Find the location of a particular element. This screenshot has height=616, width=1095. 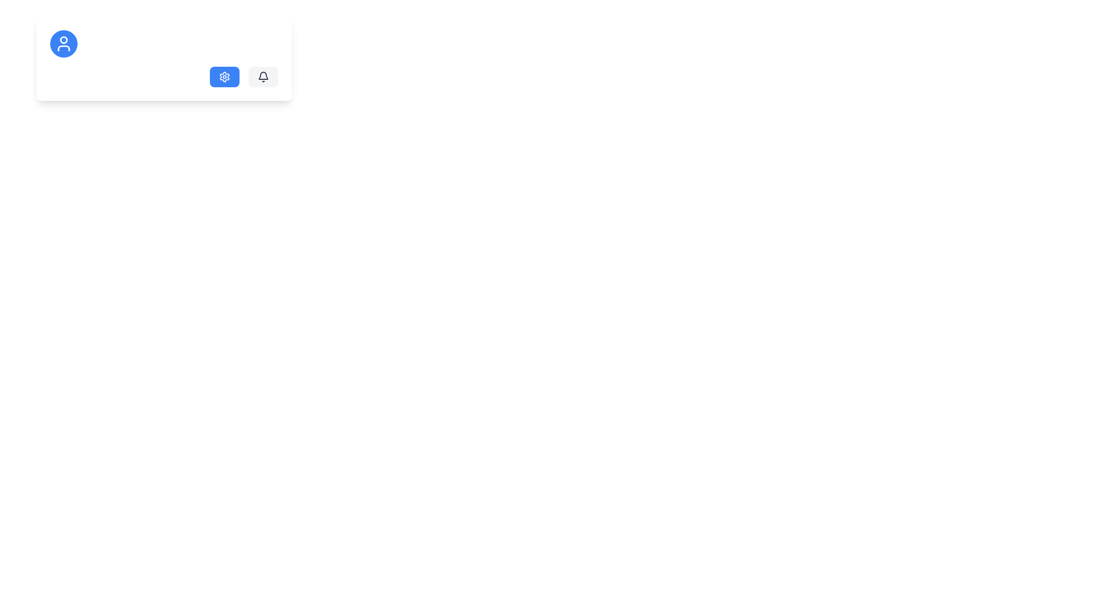

the circular graphical element that represents the user's profile in the user icon, located in the upper section of the user silhouette is located at coordinates (63, 39).